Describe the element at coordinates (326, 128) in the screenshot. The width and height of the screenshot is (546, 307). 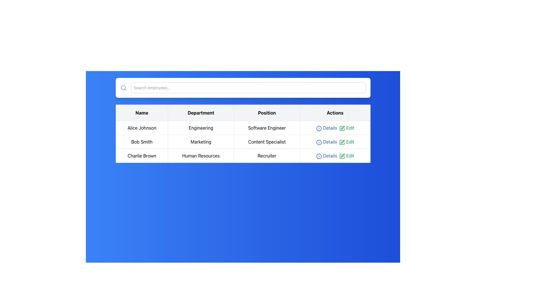
I see `the 'Details' navigation link located in the 'Actions' column of the table for the person 'Alice Johnson'` at that location.